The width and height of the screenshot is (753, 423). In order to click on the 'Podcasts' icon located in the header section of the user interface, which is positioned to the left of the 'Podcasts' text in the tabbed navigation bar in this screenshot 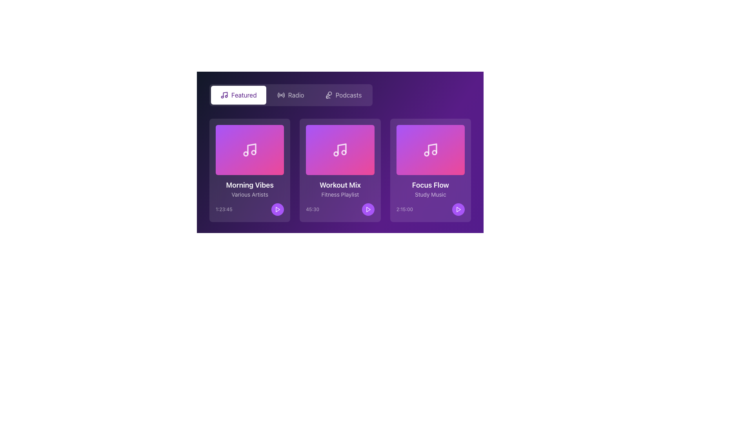, I will do `click(328, 95)`.